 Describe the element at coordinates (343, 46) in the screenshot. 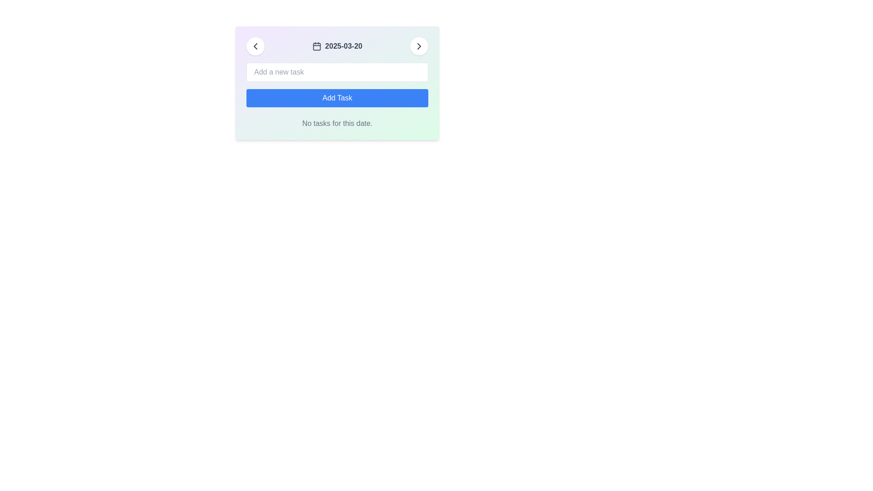

I see `the text label displaying '2025-03-20' which is bold and positioned prominently within the date navigation interface, located near the top of the interface, to the right of a calendar icon and between navigation arrows` at that location.